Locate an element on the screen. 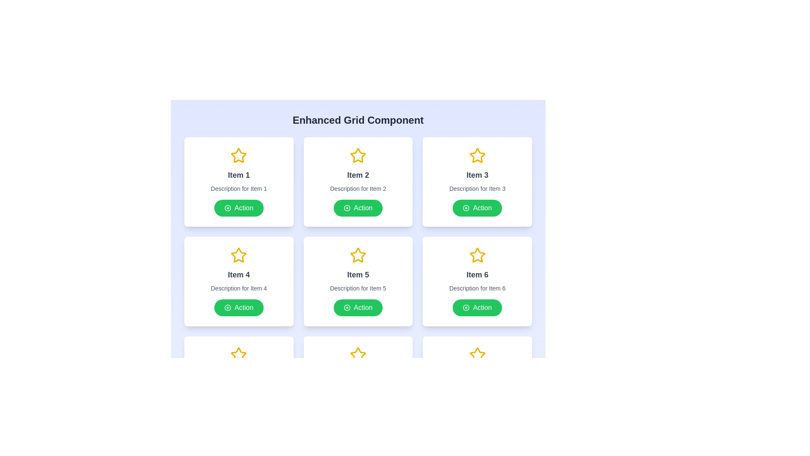  the text label stating 'Description for Item 3', which is located in the third card from the left in the first row of a grid layout, and is the second text element below the card's title 'Item 3' is located at coordinates (477, 188).